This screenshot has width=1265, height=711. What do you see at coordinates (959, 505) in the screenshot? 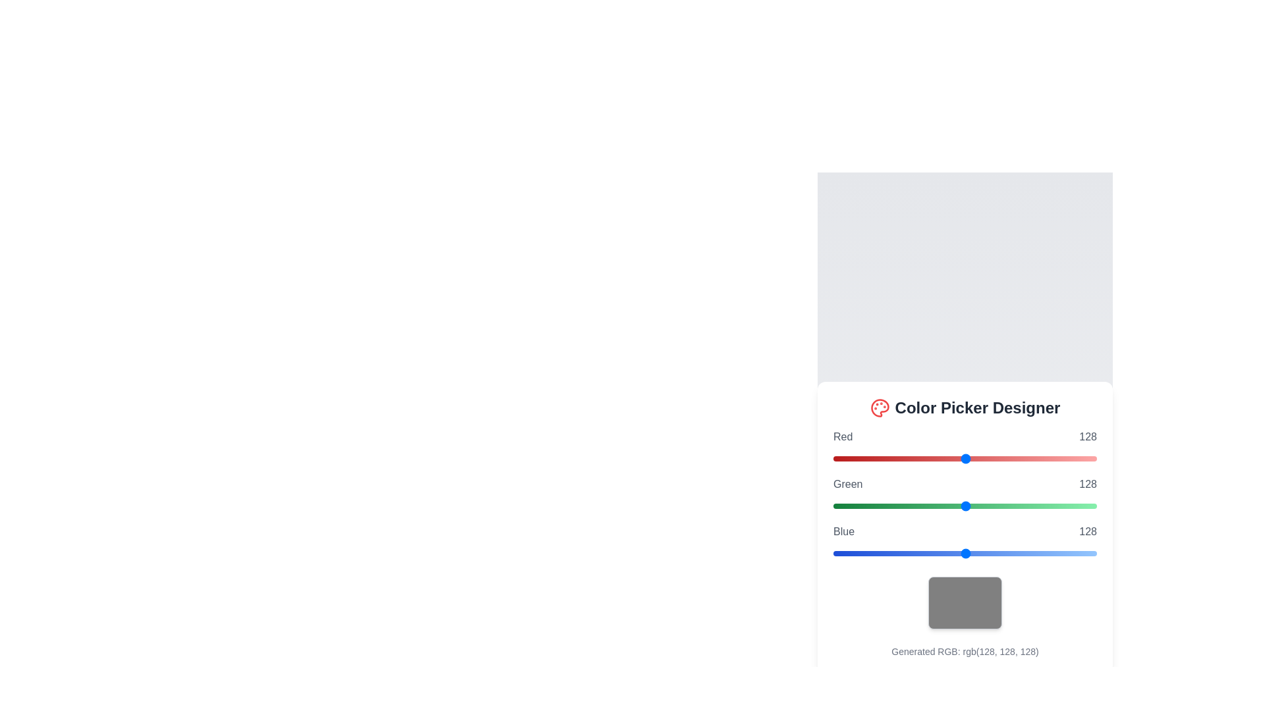
I see `the green slider to set its value to 122` at bounding box center [959, 505].